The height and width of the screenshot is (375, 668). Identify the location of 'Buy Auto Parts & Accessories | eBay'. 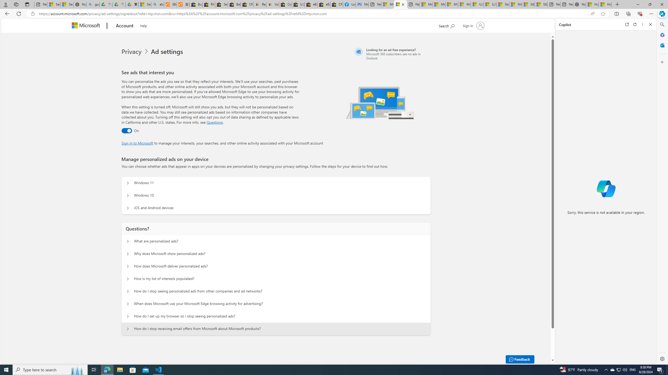
(196, 4).